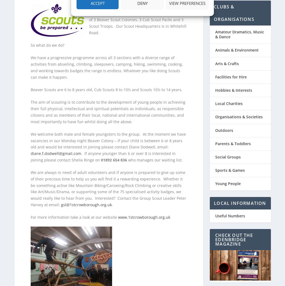  Describe the element at coordinates (231, 74) in the screenshot. I see `'Facilities for Hire'` at that location.